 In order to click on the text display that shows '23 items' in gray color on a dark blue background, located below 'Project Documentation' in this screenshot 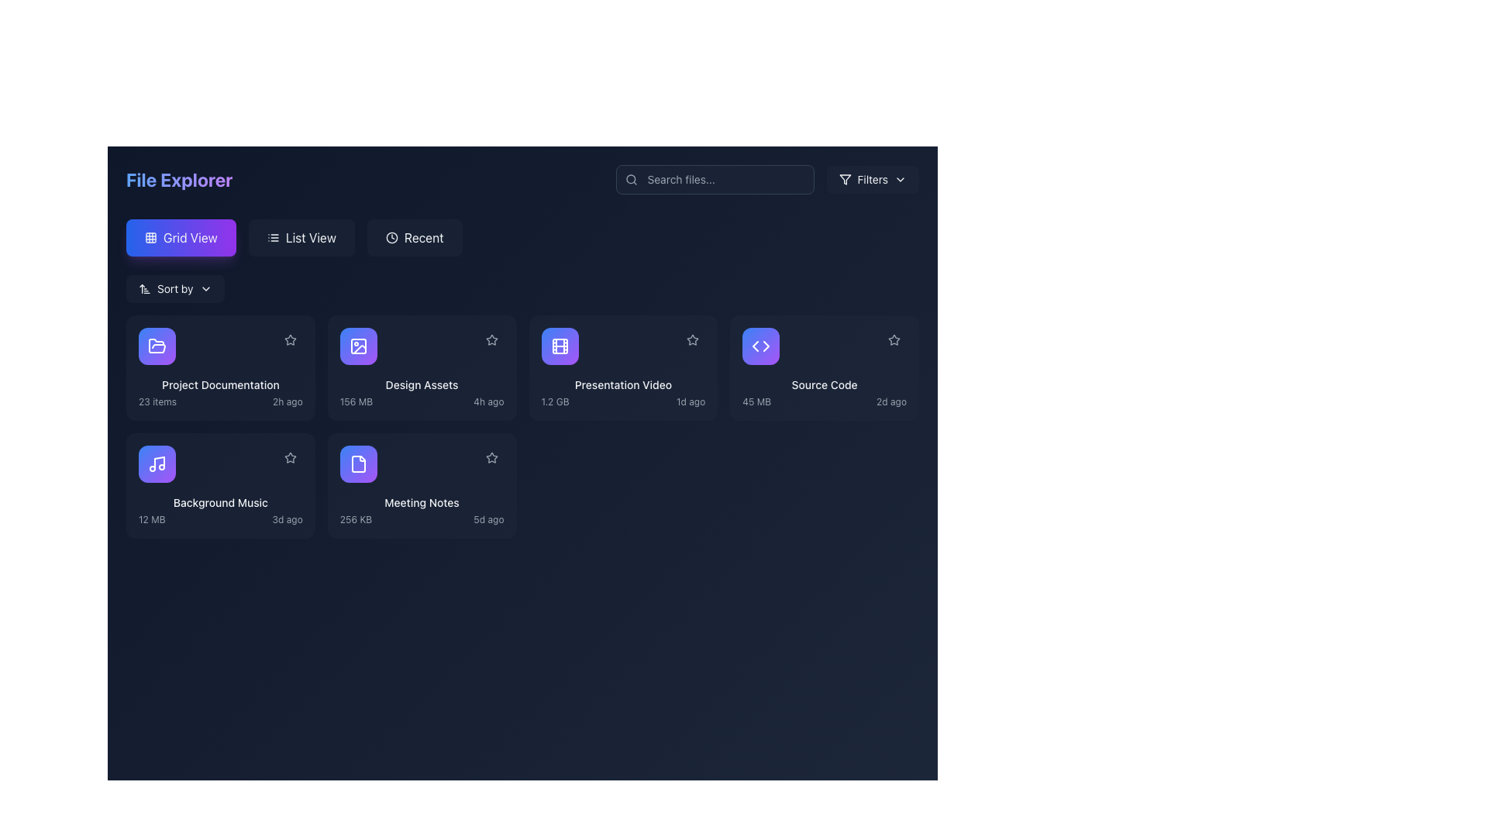, I will do `click(157, 401)`.